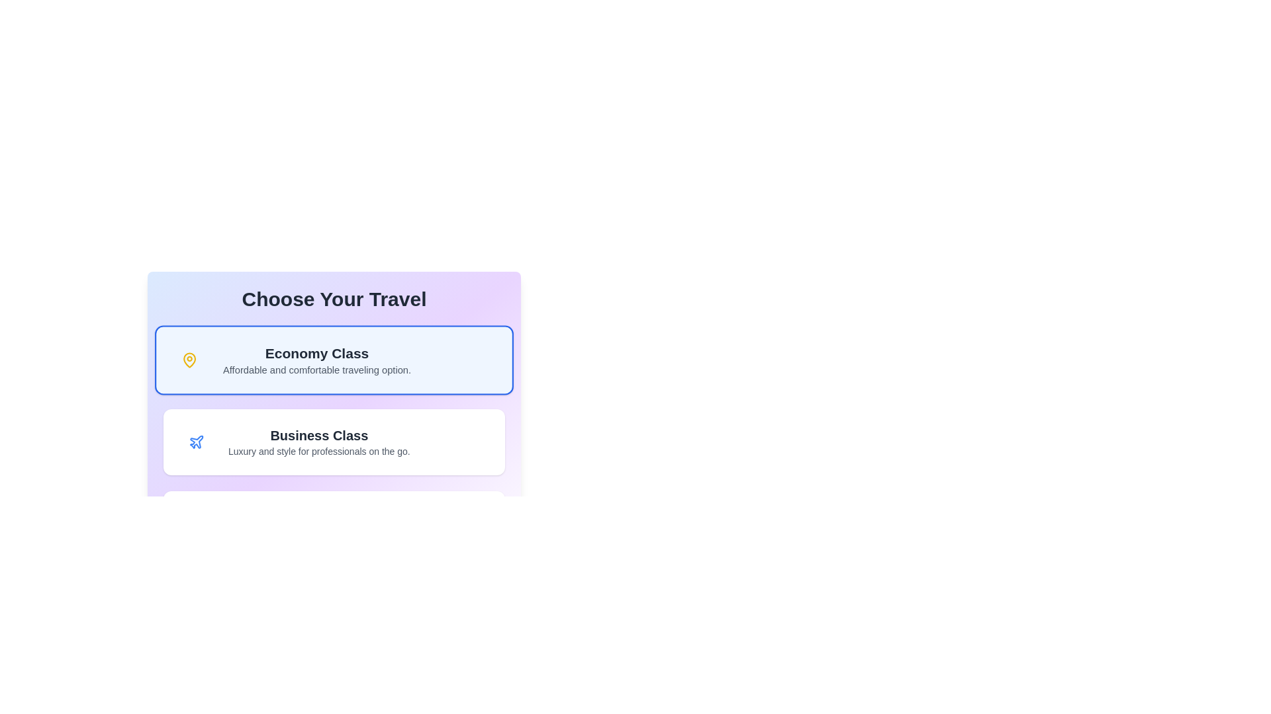 The height and width of the screenshot is (714, 1271). I want to click on the 'Choose Your Travel' card layout to select a specific travel option within the card, so click(334, 422).